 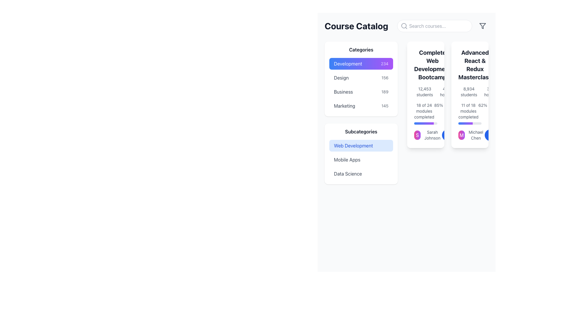 I want to click on the Information Display Component that shows '11 of 18 modules completed' and '62%', so click(x=470, y=114).